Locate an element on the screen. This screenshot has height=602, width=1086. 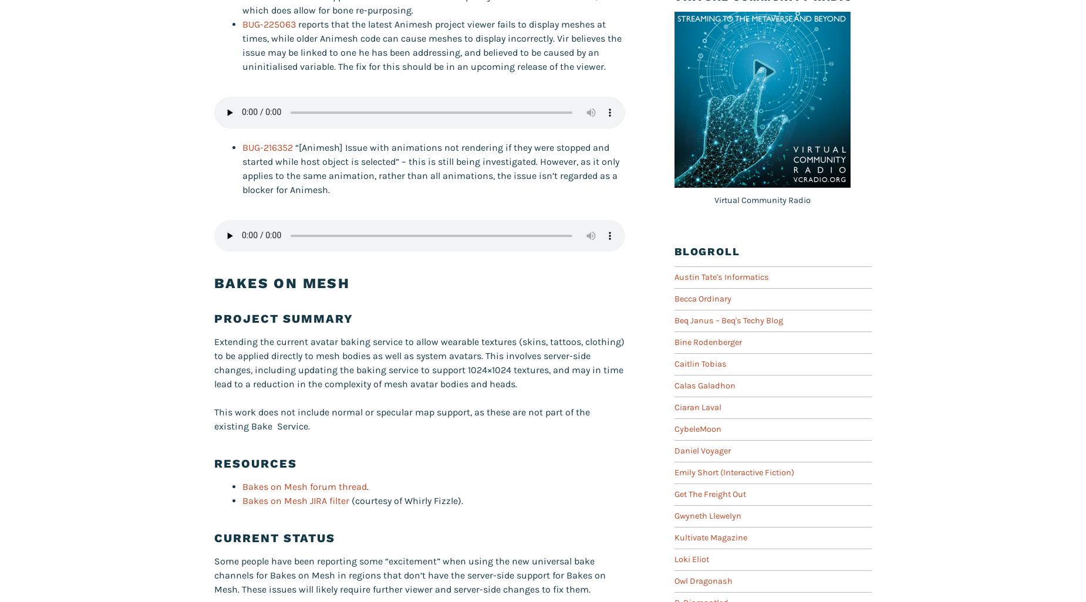
'Beq Janus – Beq's Techy Blog' is located at coordinates (674, 320).